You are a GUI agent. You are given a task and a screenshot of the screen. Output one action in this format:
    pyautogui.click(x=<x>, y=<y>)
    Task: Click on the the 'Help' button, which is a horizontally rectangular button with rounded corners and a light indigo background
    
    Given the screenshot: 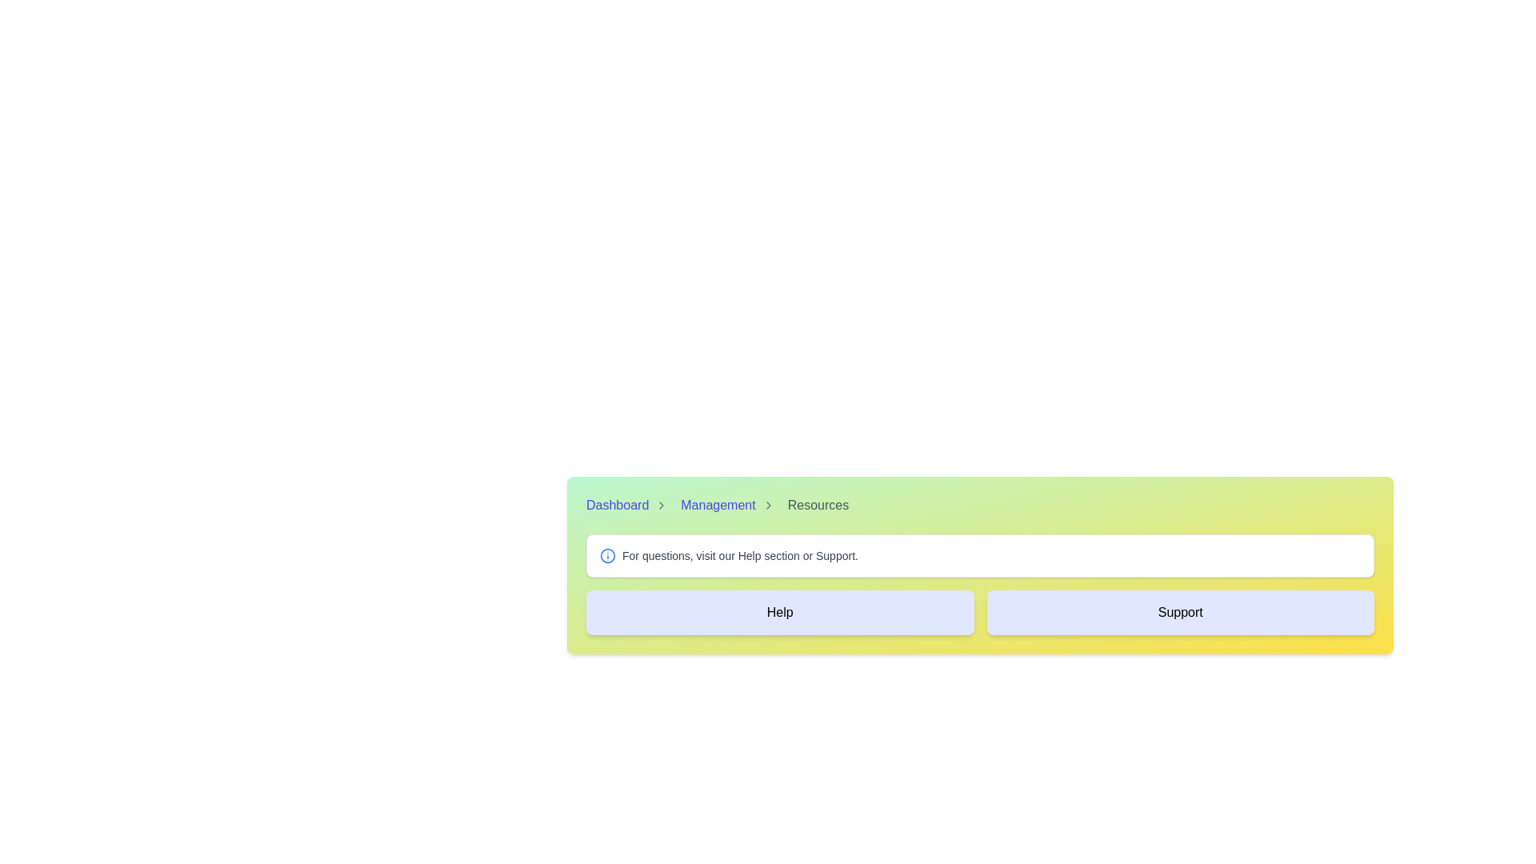 What is the action you would take?
    pyautogui.click(x=780, y=612)
    